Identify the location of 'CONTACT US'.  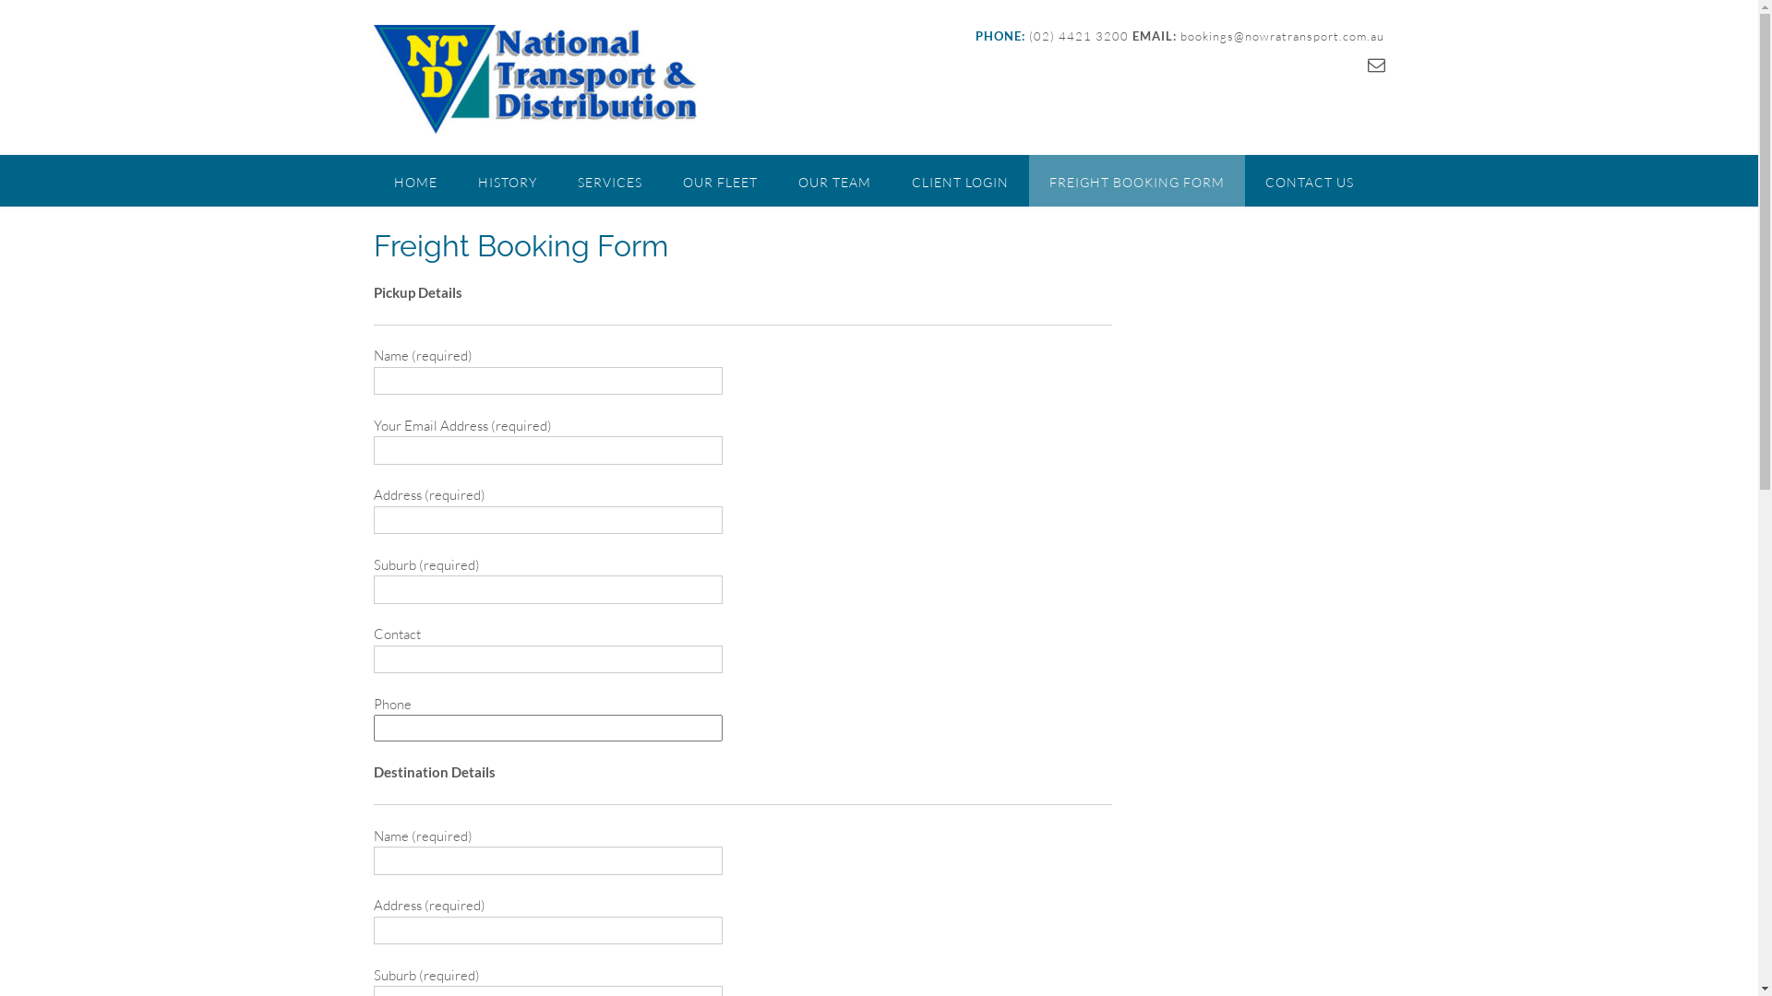
(1307, 181).